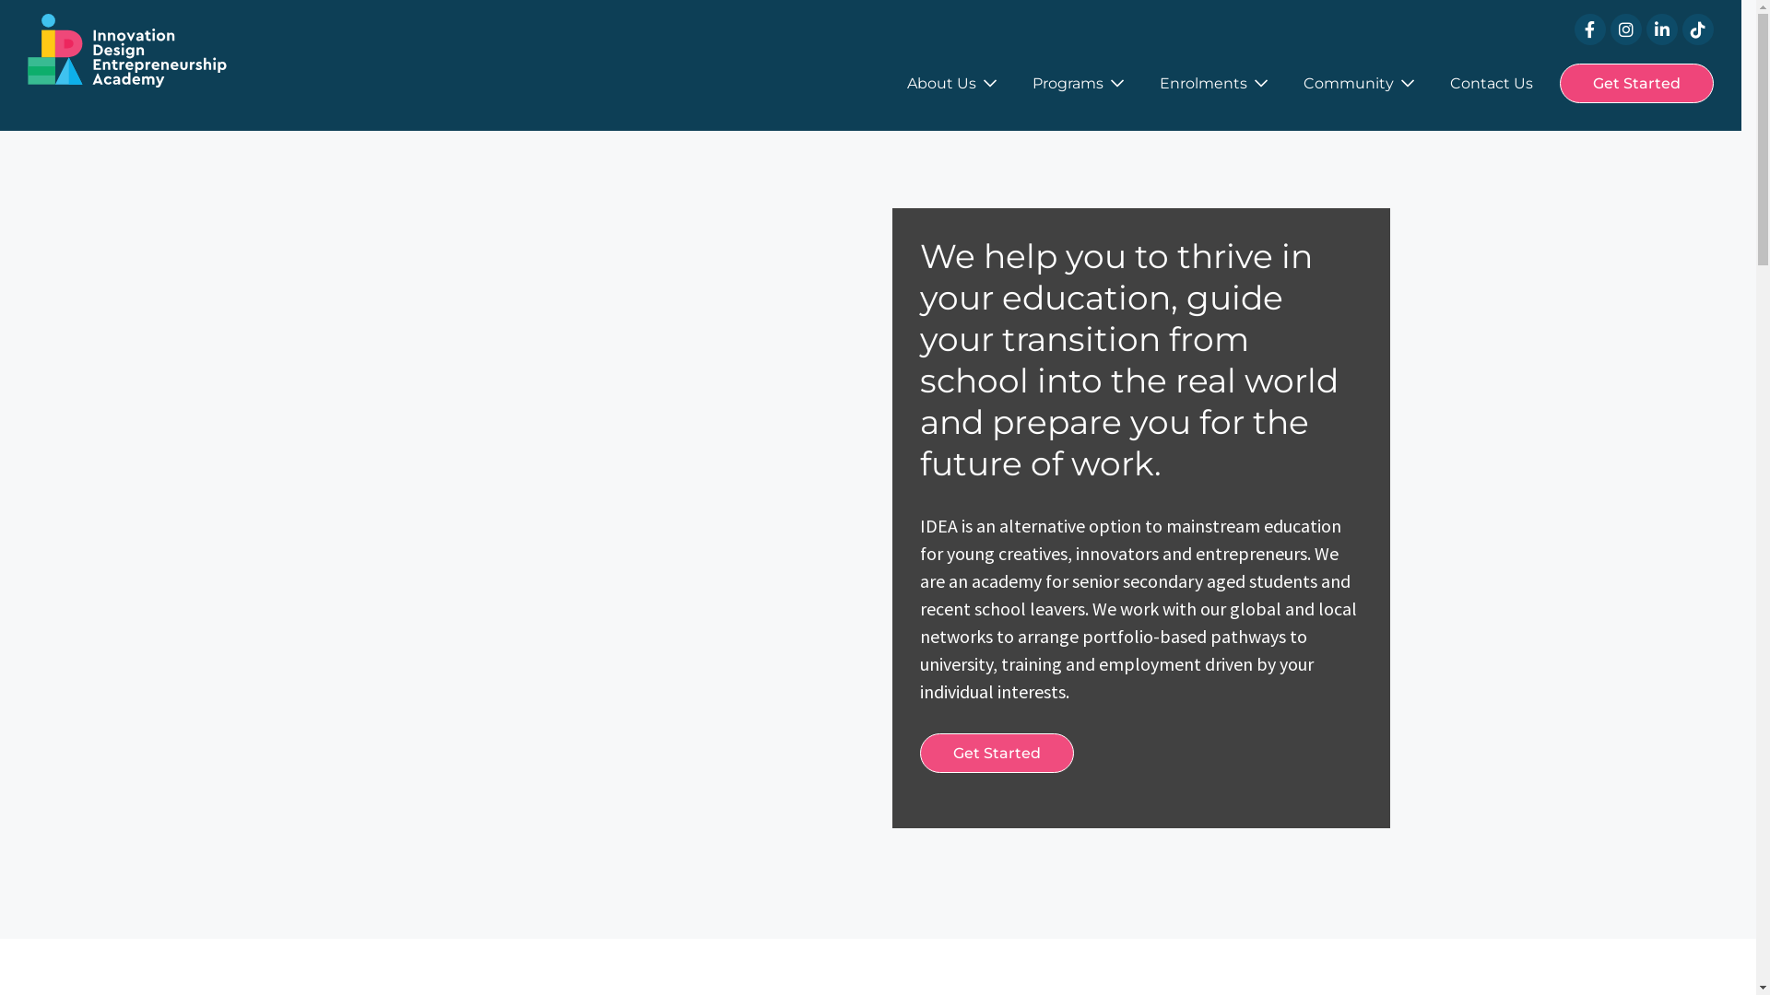 Image resolution: width=1770 pixels, height=995 pixels. I want to click on 'Get Started', so click(996, 753).